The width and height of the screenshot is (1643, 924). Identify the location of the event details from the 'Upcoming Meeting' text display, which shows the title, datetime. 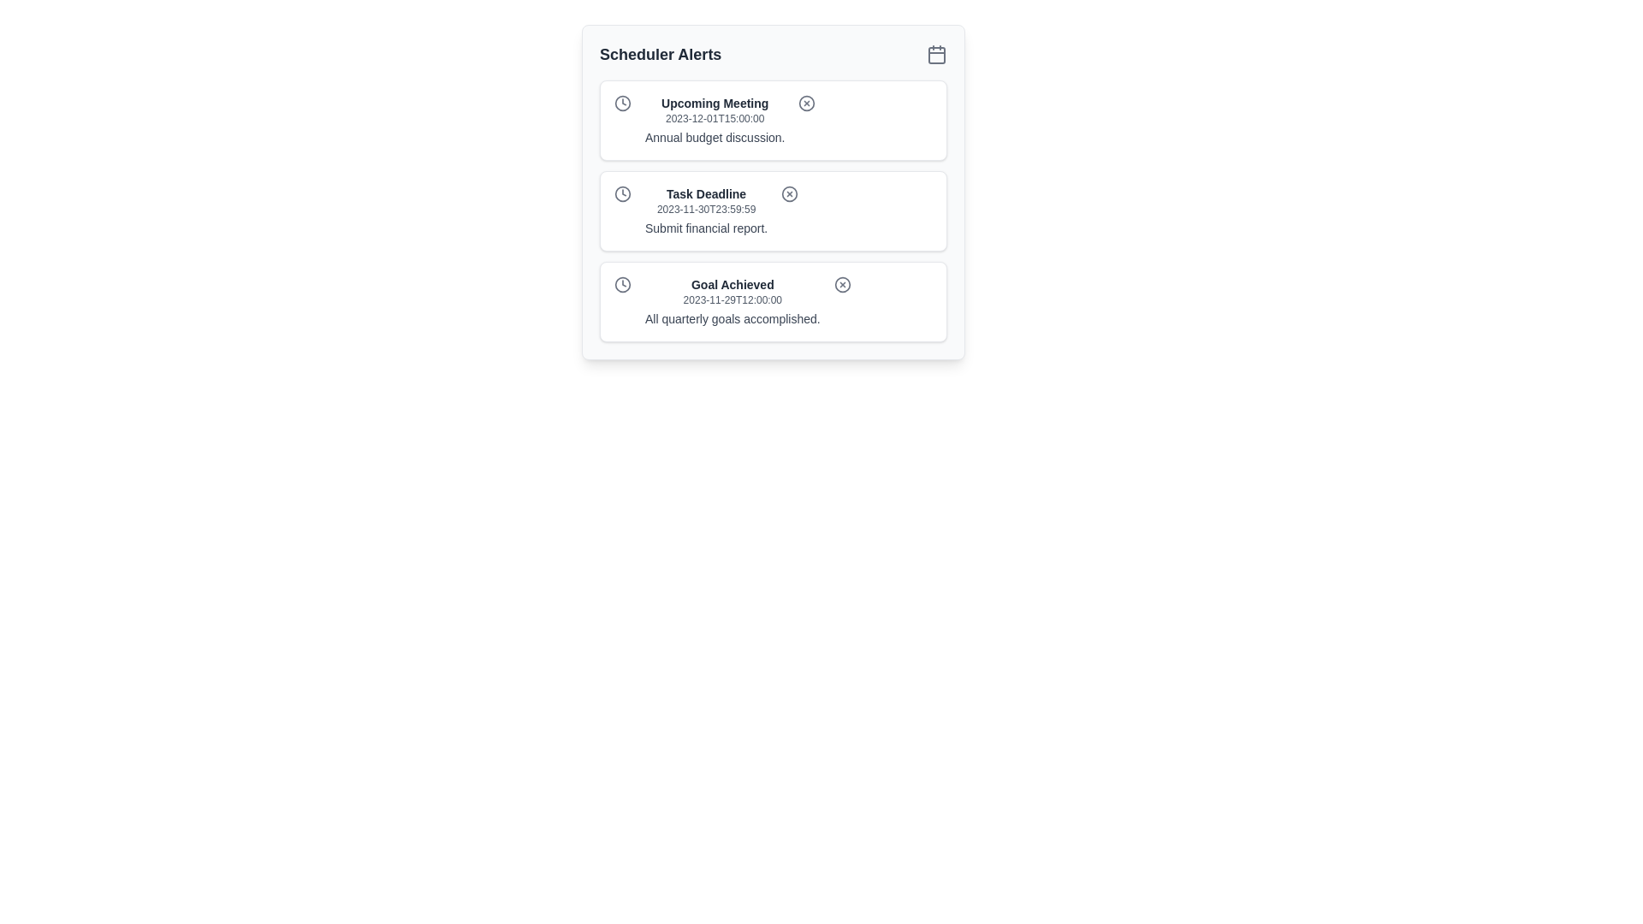
(715, 120).